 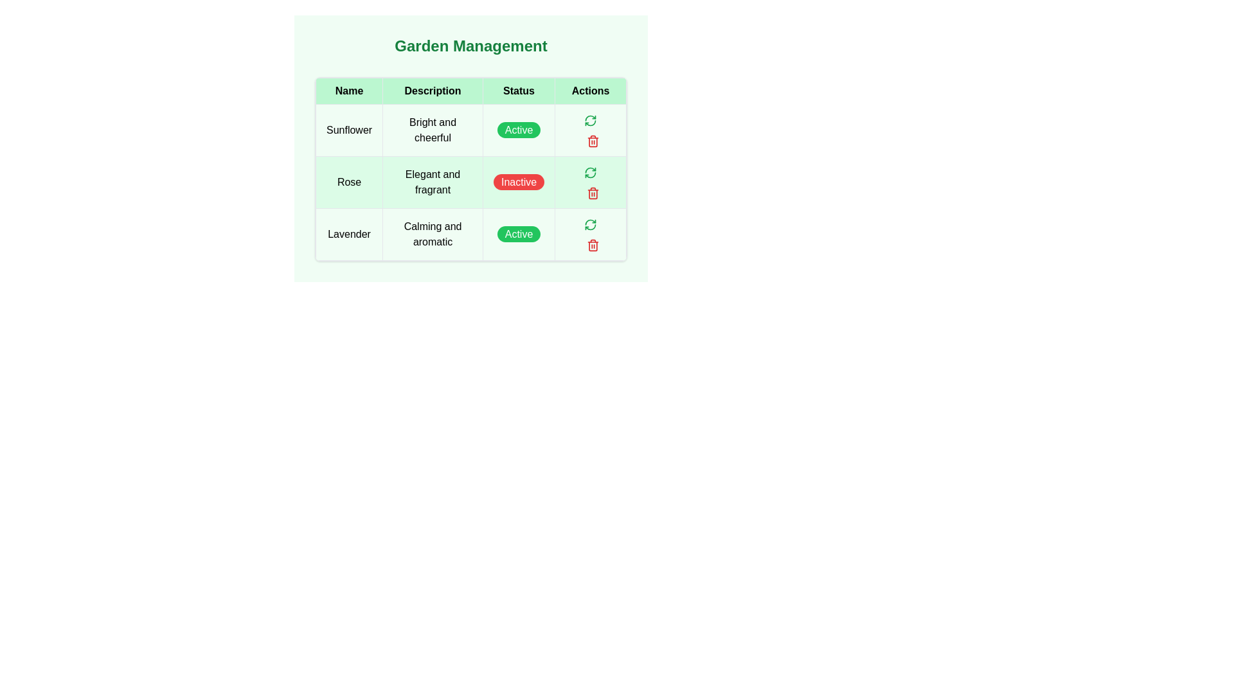 I want to click on the trash can icon button, which is red and located in the last column of the last row associated with the 'Lavender' entry in the 'Garden Management' table, to initiate the delete action, so click(x=593, y=245).